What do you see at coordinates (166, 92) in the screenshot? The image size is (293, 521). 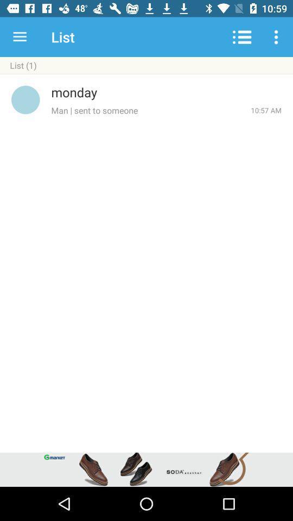 I see `the icon above man sent to item` at bounding box center [166, 92].